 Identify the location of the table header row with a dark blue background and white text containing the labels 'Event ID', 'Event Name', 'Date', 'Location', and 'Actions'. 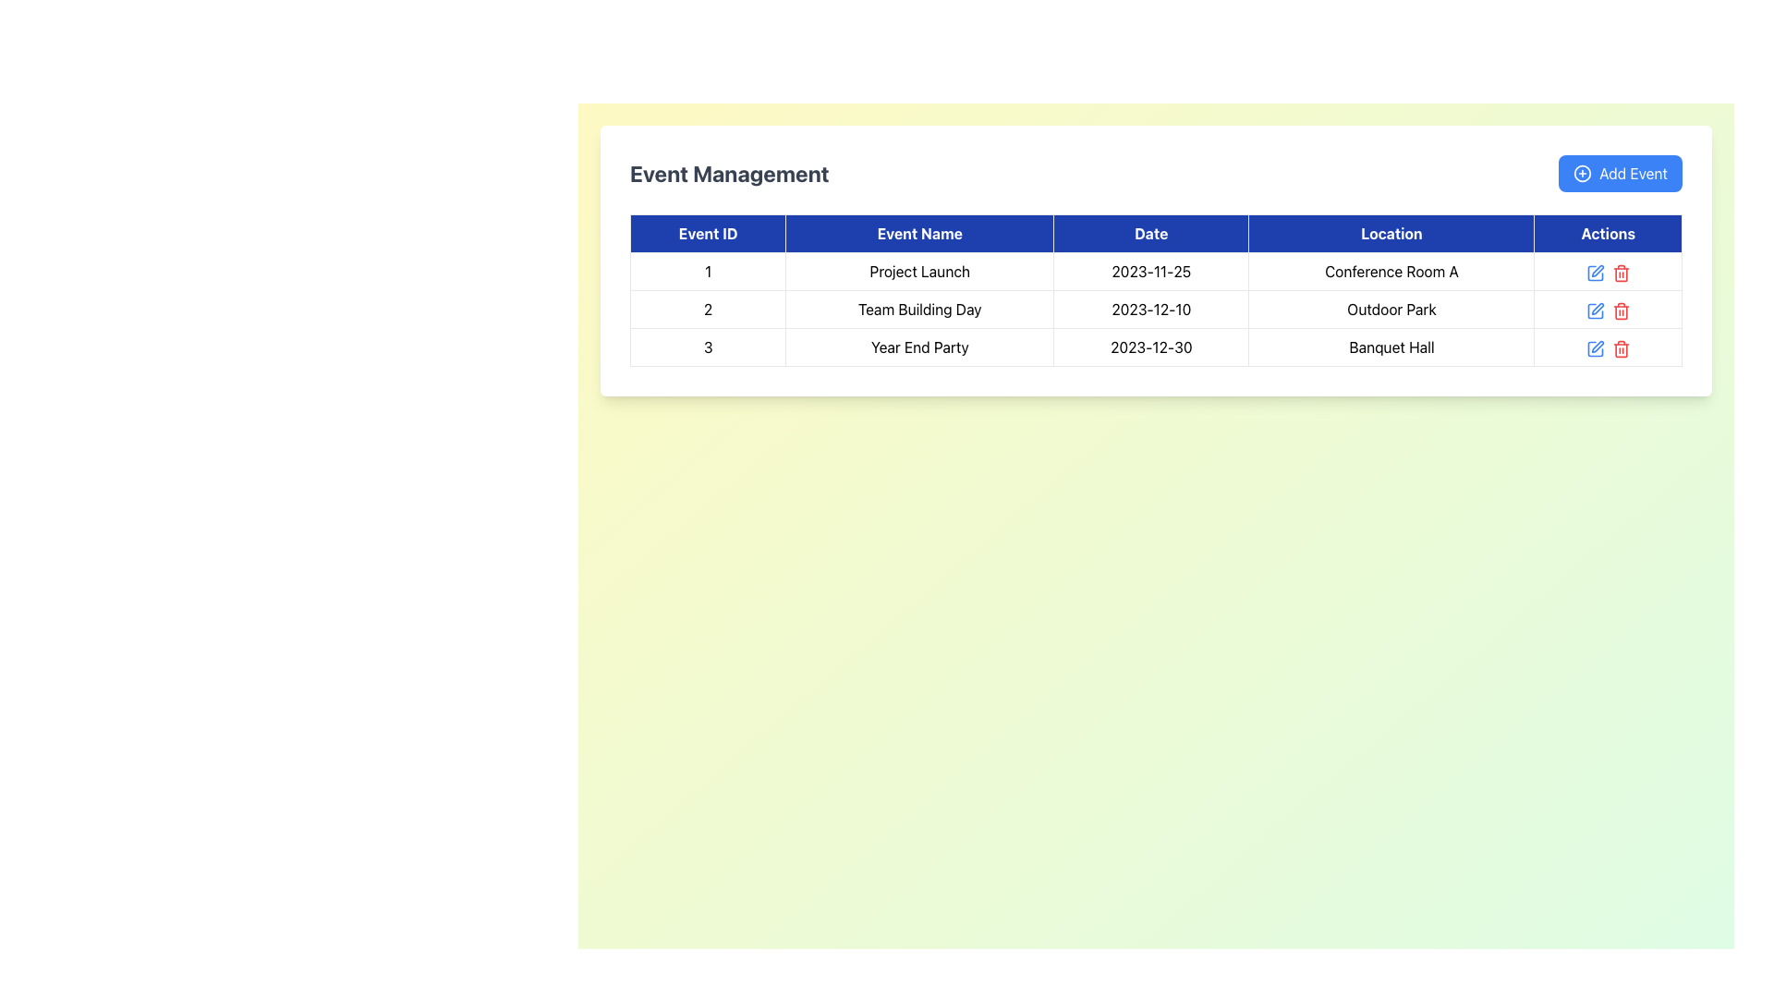
(1155, 233).